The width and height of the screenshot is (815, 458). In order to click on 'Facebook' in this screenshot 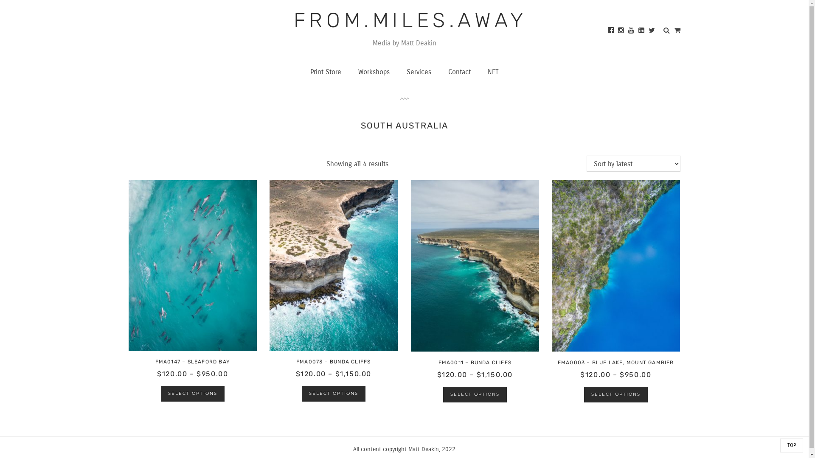, I will do `click(610, 29)`.